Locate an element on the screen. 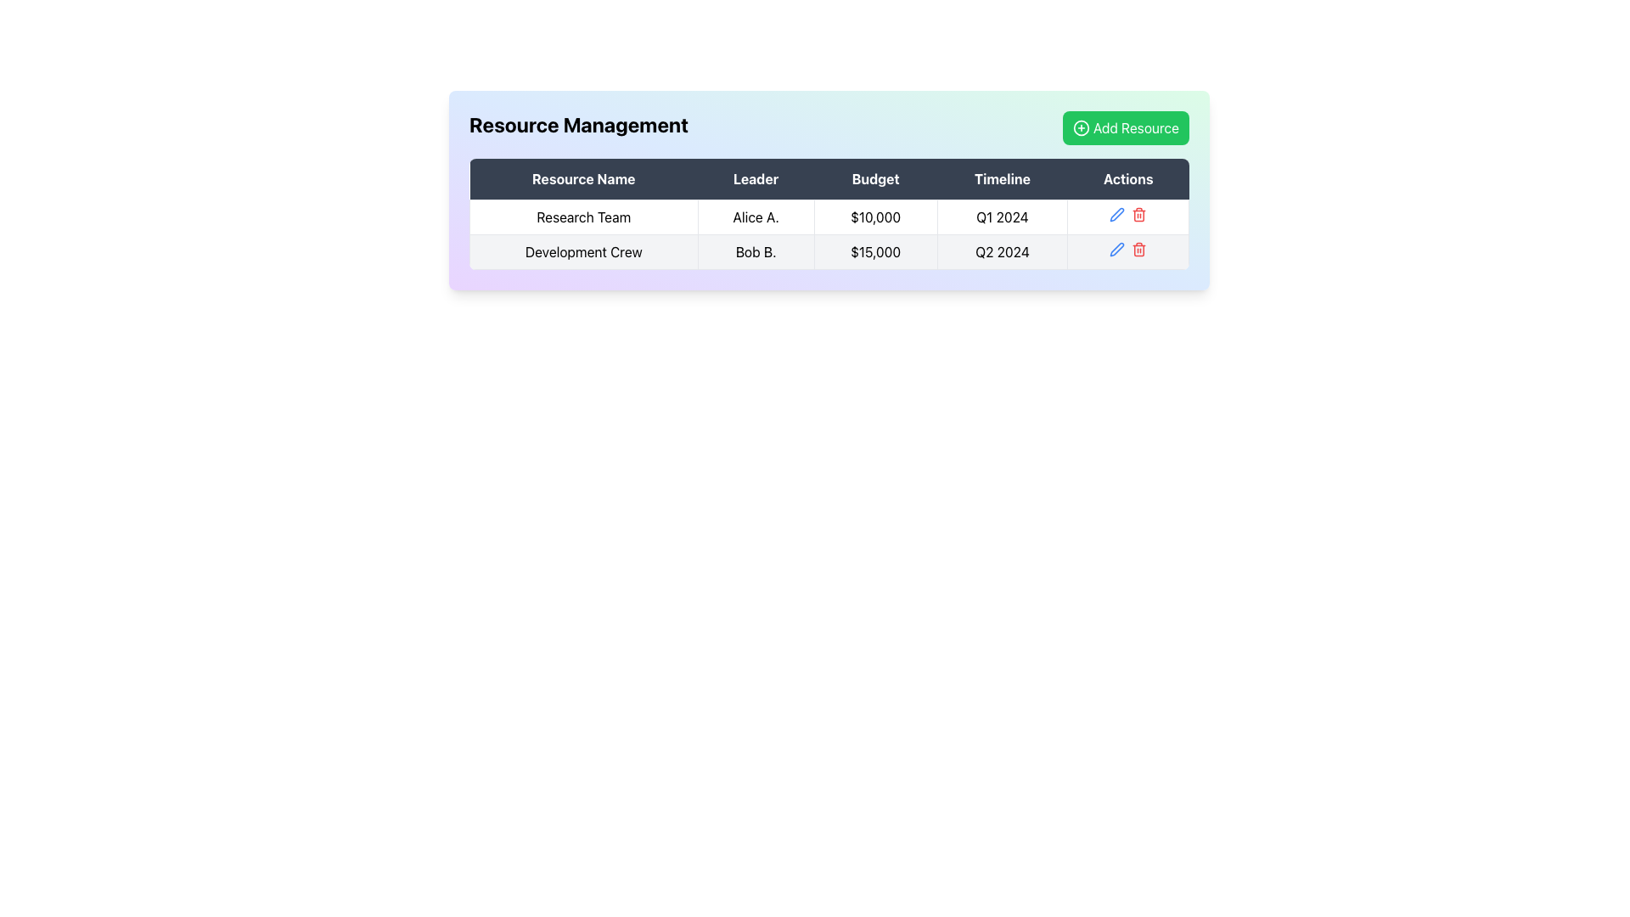 This screenshot has width=1630, height=917. the table header indicating budget information, located in the third column between 'Leader' and 'Timeline' is located at coordinates (875, 179).